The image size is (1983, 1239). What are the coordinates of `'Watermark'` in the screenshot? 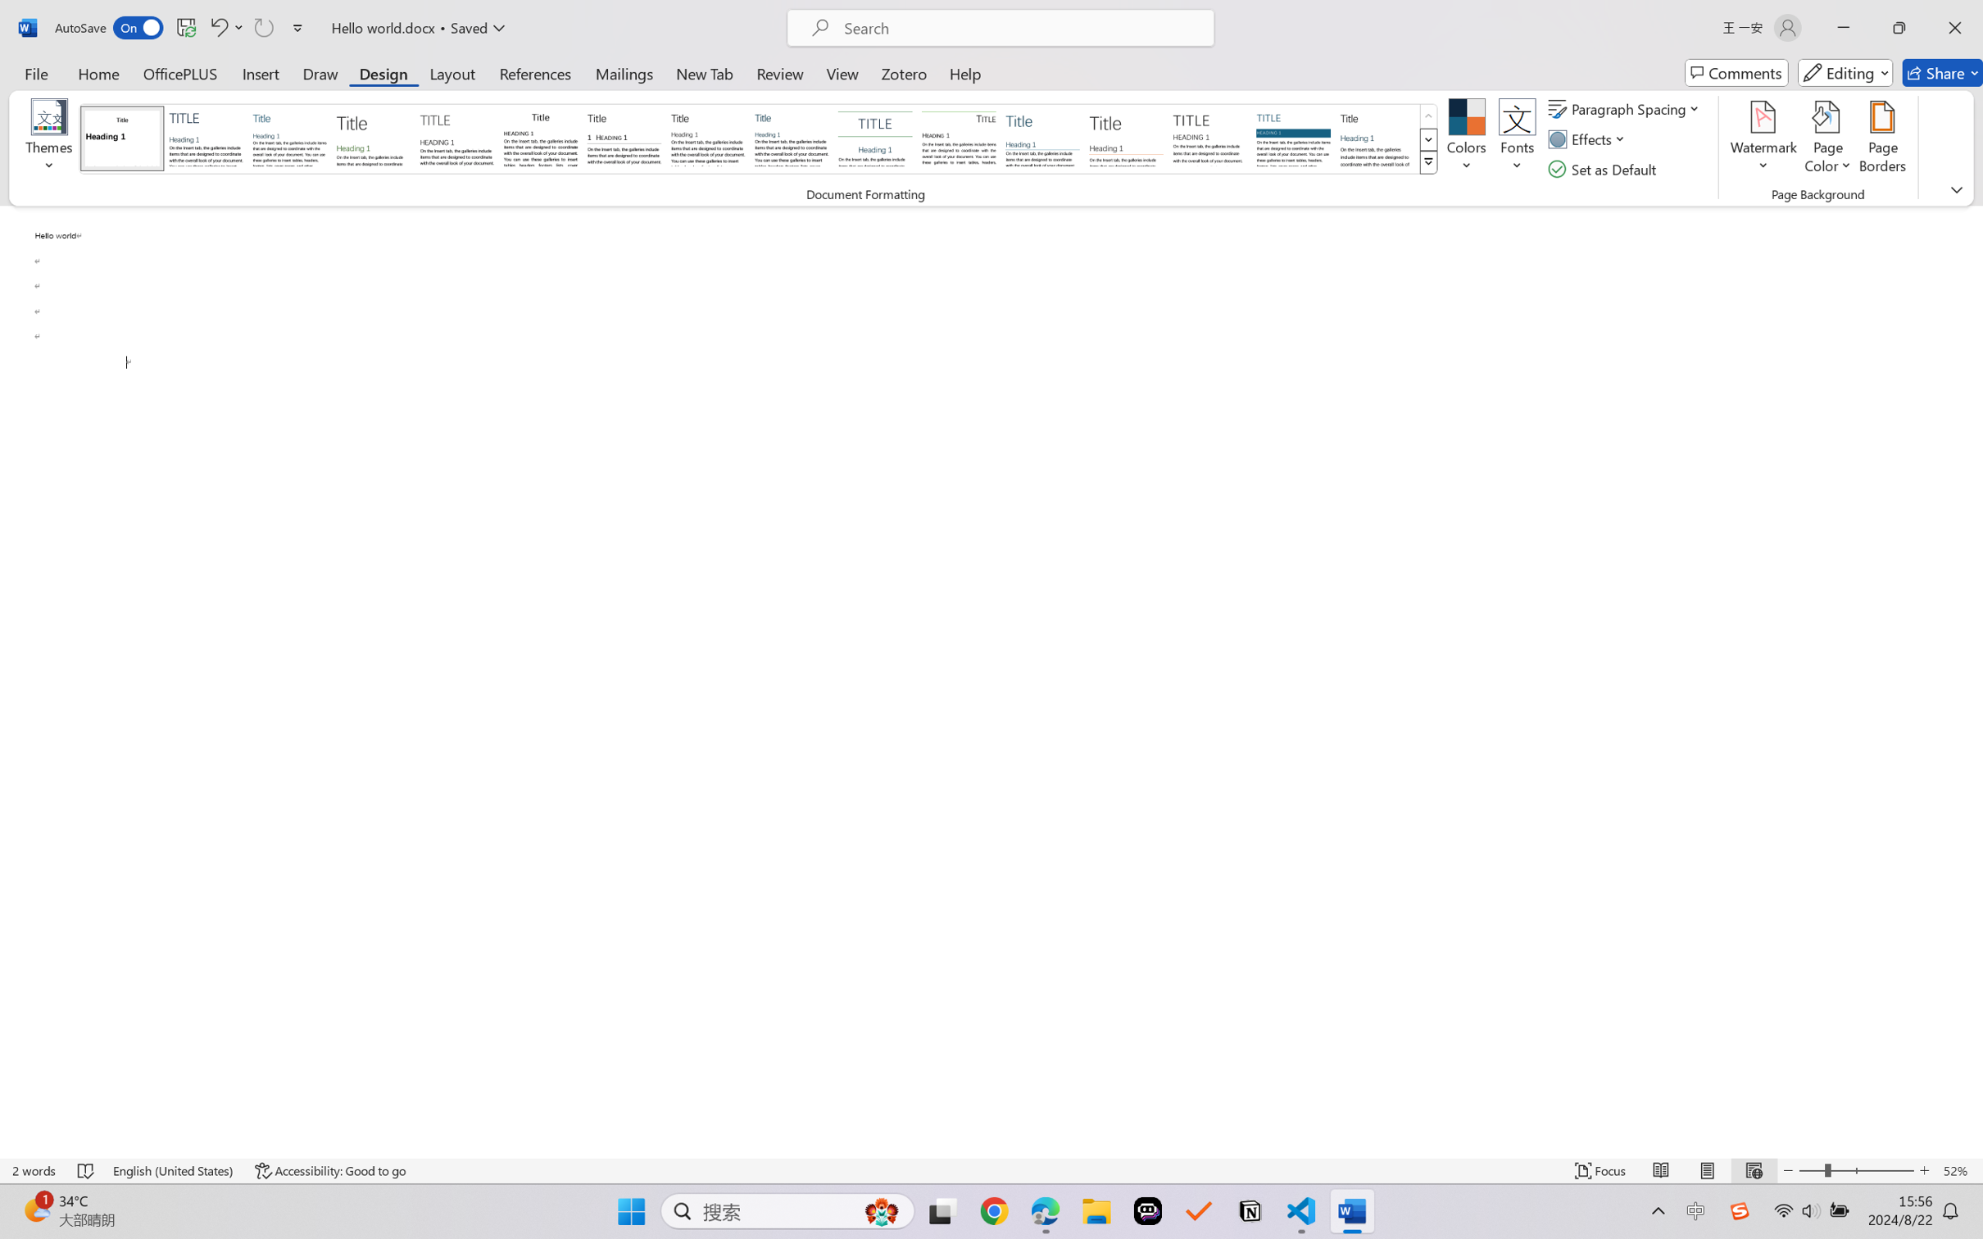 It's located at (1763, 139).